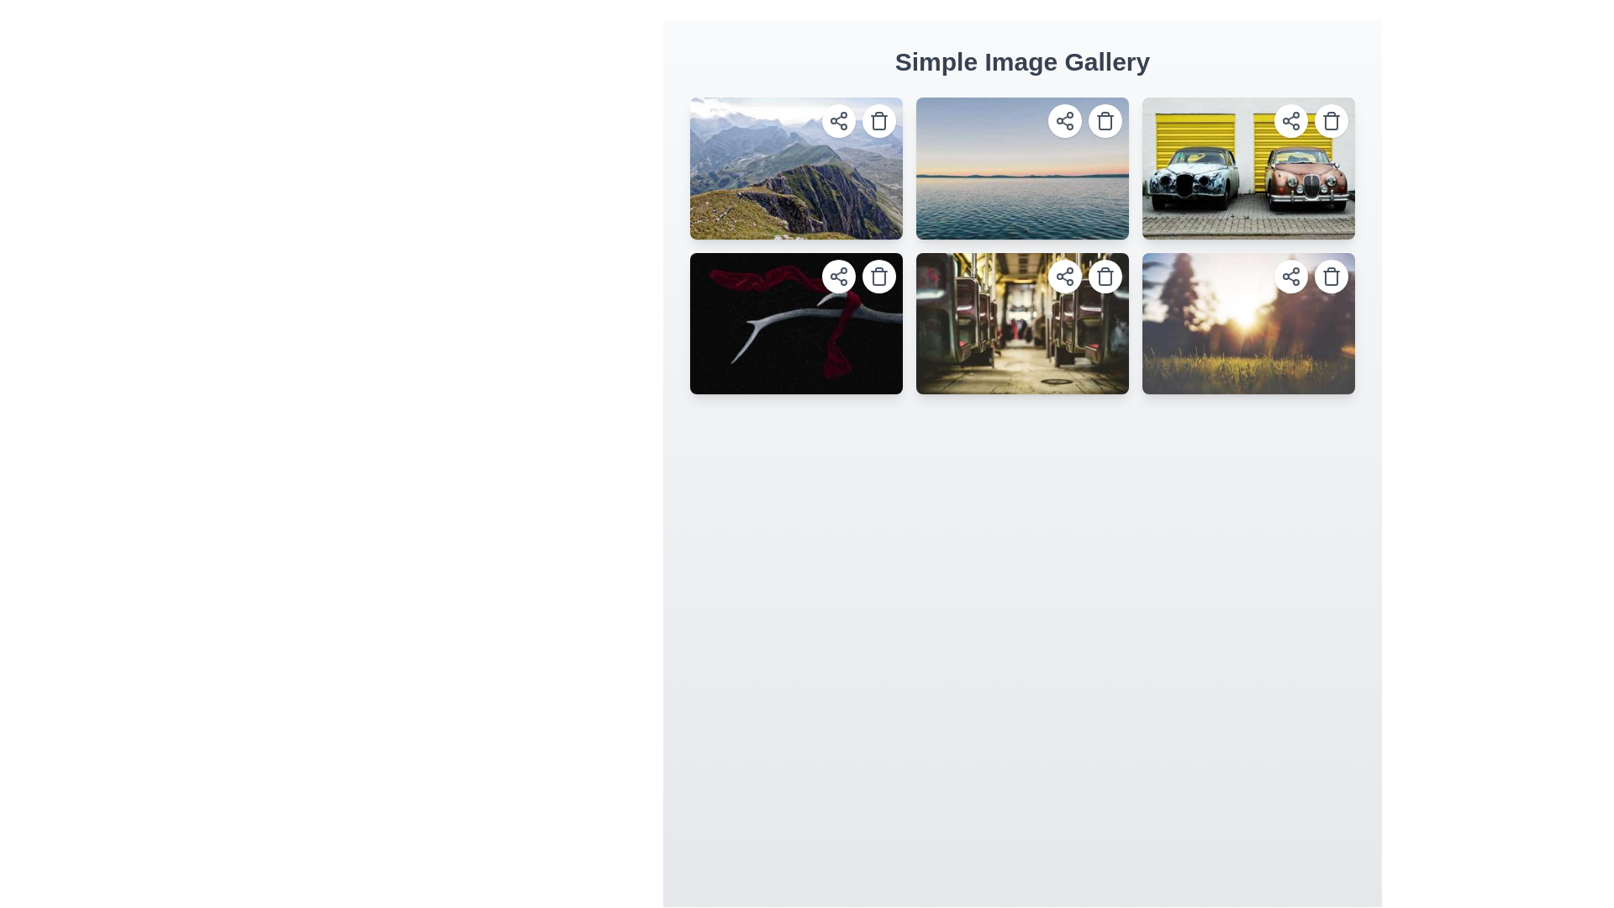  Describe the element at coordinates (1064, 119) in the screenshot. I see `the share icon button located in the top-right corner of the second image in the grid layout` at that location.